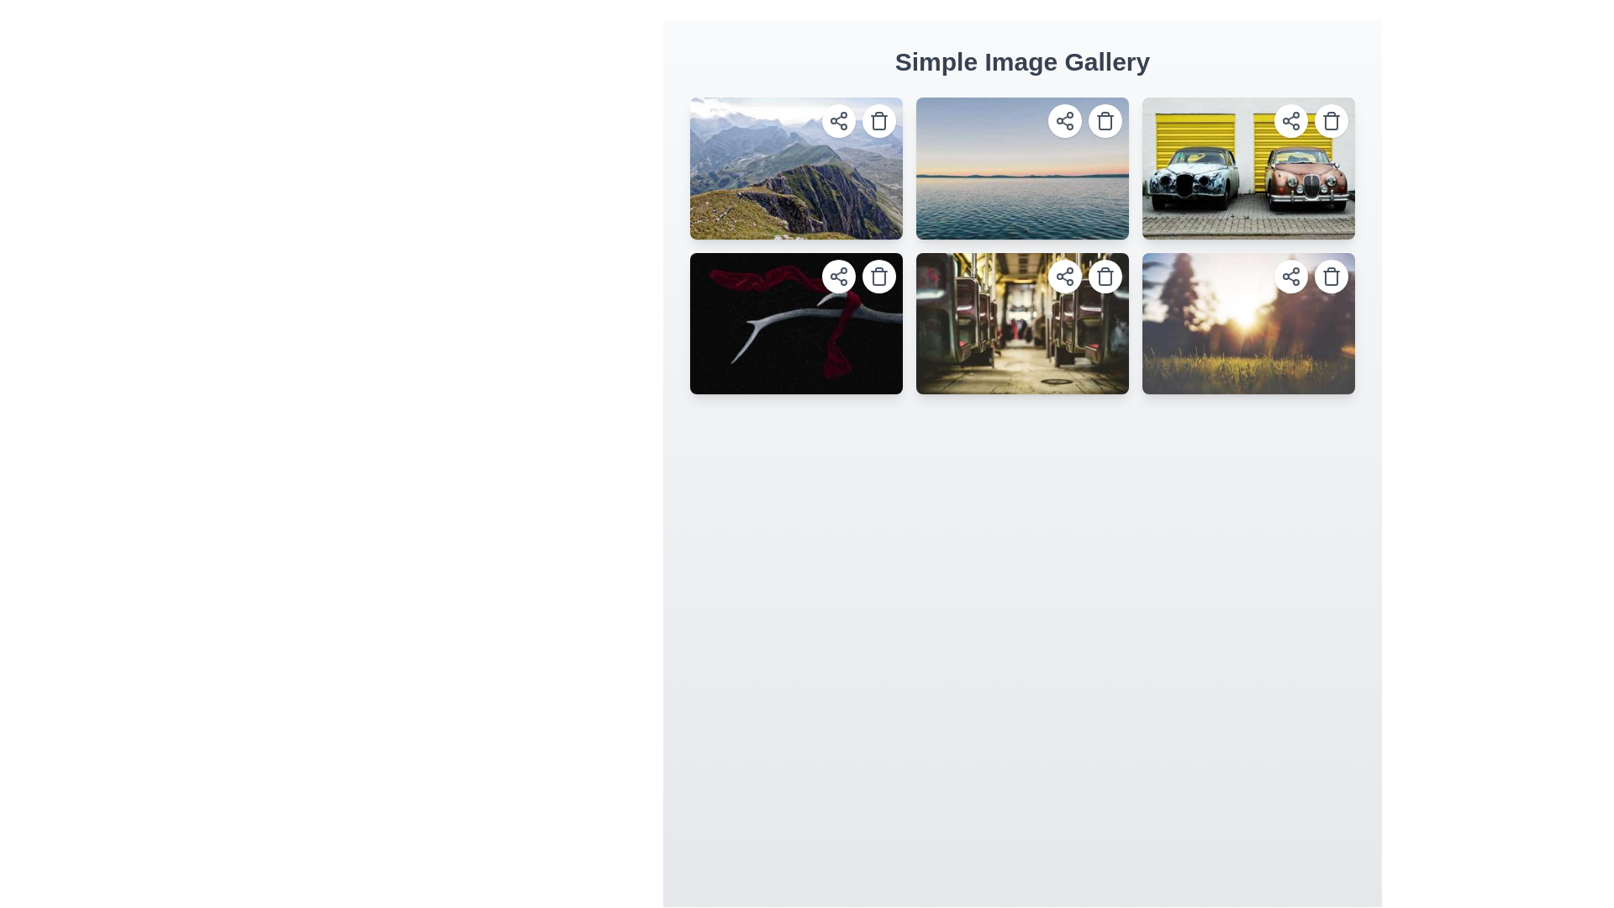  Describe the element at coordinates (1064, 119) in the screenshot. I see `the share icon button located in the top-right corner of the second image in the grid layout` at that location.